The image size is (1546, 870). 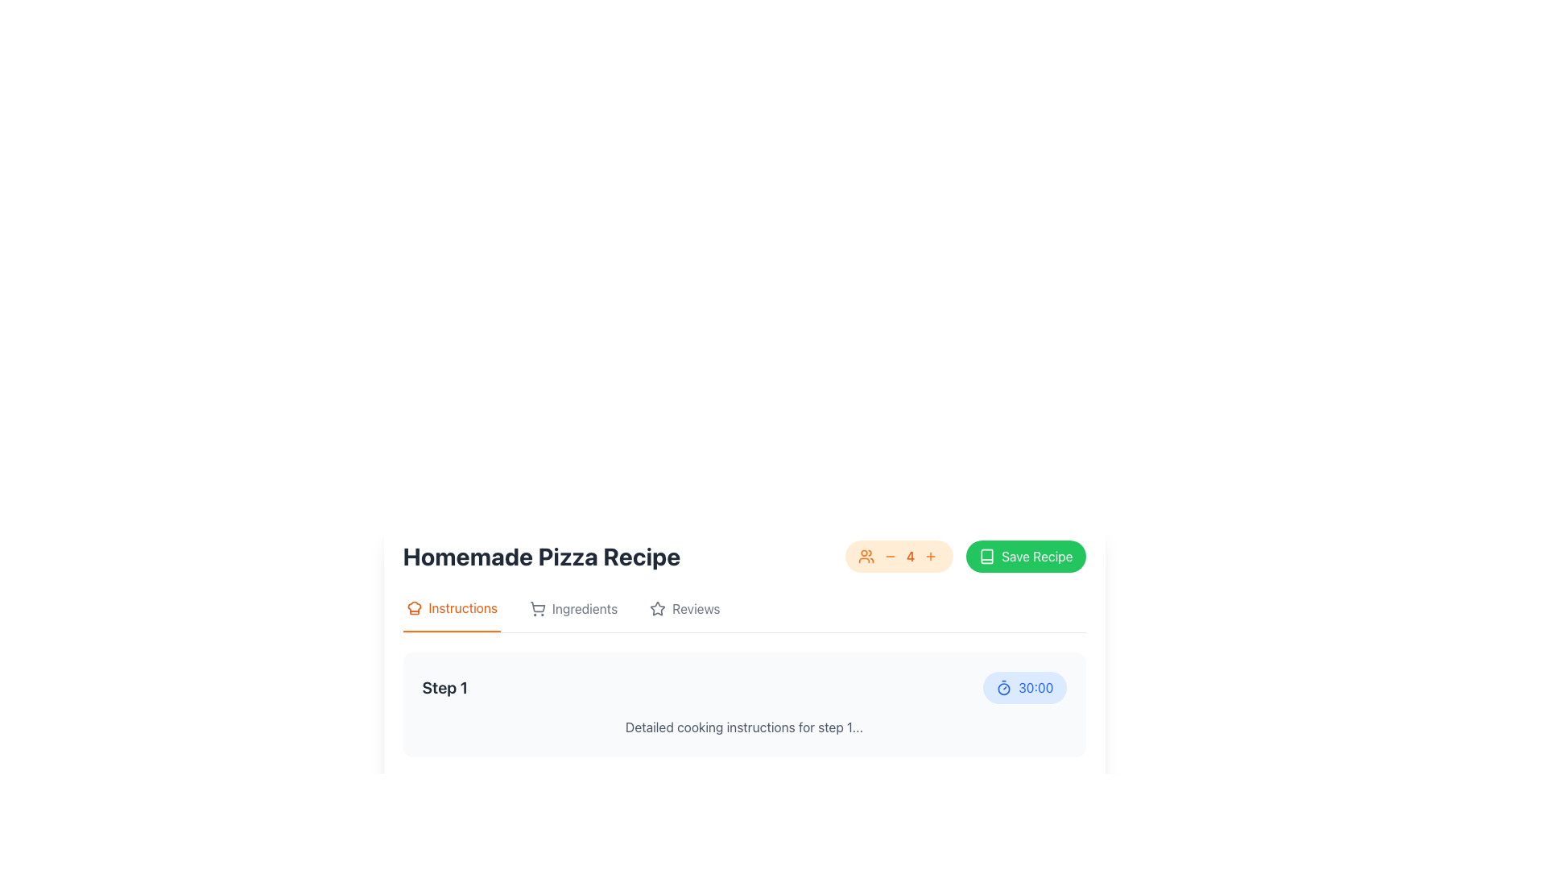 I want to click on the icon inside the 'Save Recipe' button located in the top-right section of the interface, so click(x=986, y=555).